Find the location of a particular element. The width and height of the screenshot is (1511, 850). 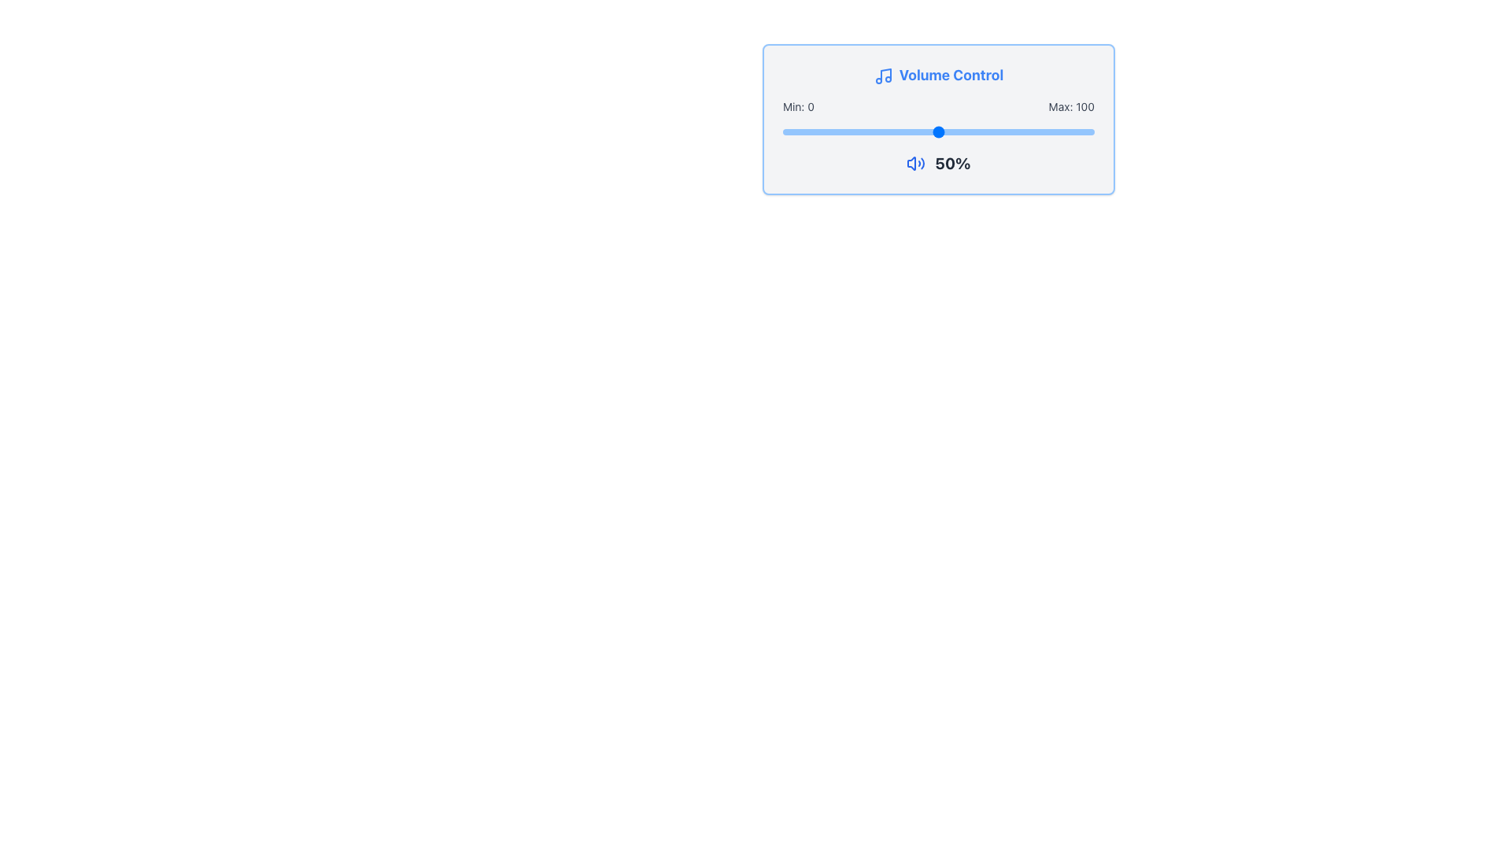

the slider is located at coordinates (826, 131).